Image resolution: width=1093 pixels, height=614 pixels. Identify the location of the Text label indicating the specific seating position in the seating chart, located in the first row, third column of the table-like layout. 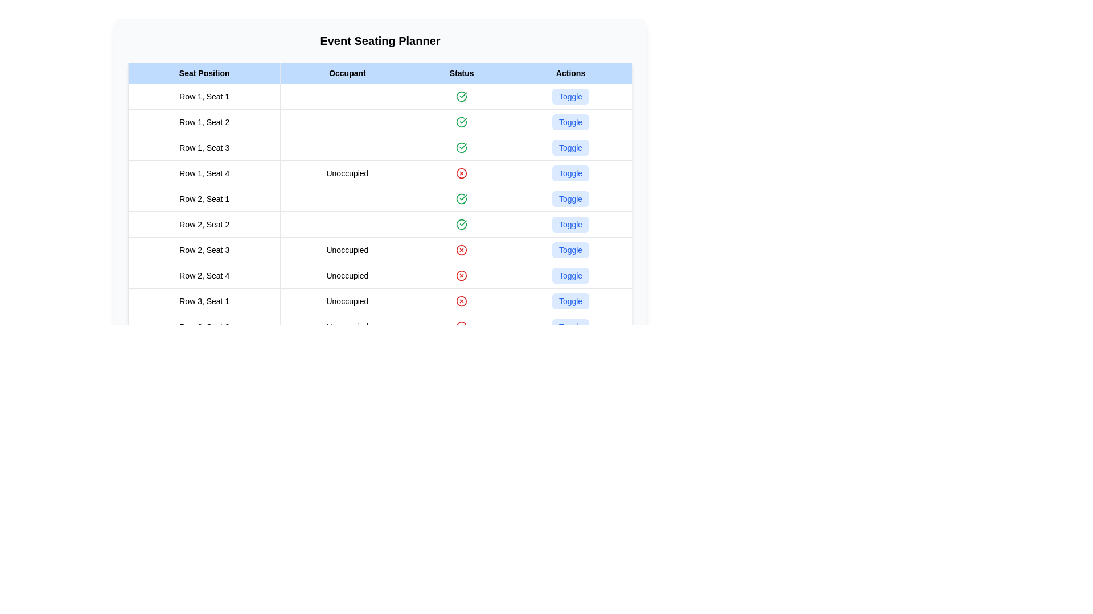
(204, 147).